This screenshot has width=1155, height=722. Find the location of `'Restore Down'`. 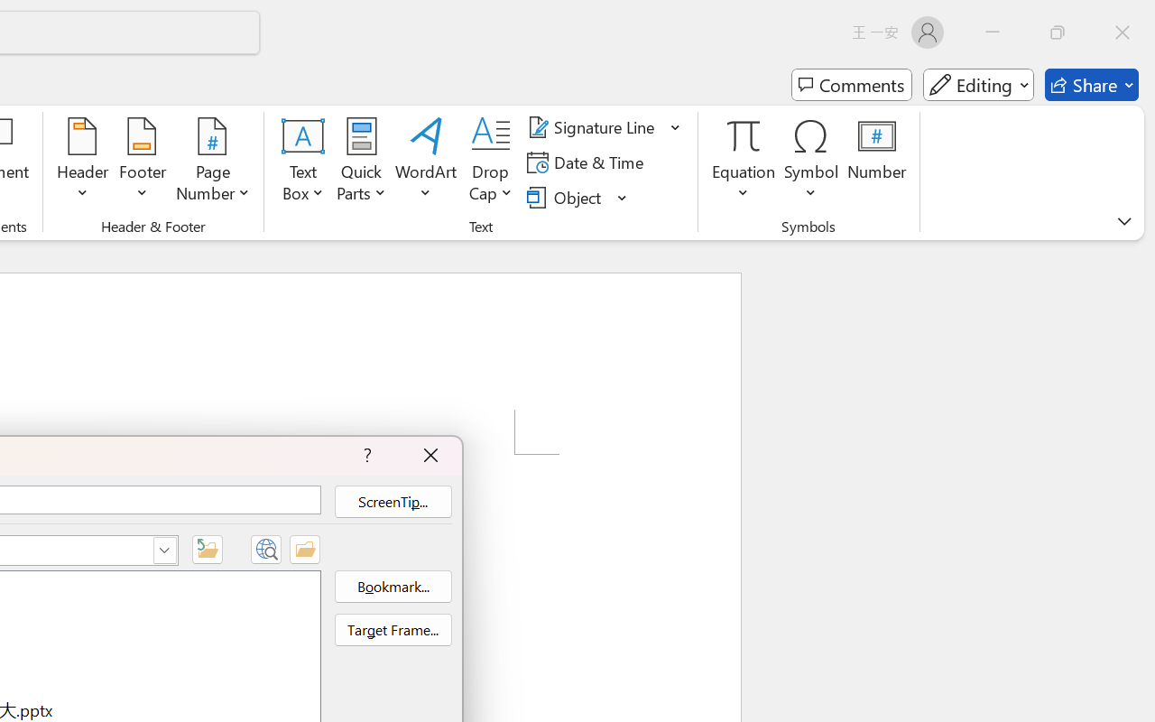

'Restore Down' is located at coordinates (1058, 32).